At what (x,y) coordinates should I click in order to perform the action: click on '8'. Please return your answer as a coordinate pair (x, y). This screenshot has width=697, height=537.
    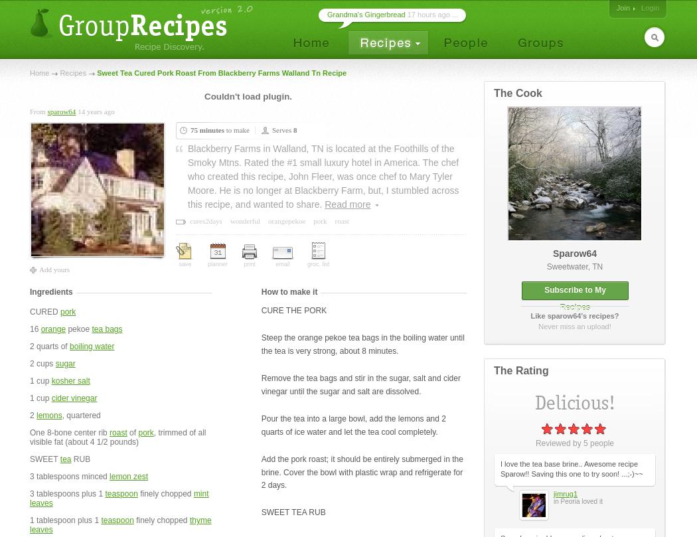
    Looking at the image, I should click on (294, 129).